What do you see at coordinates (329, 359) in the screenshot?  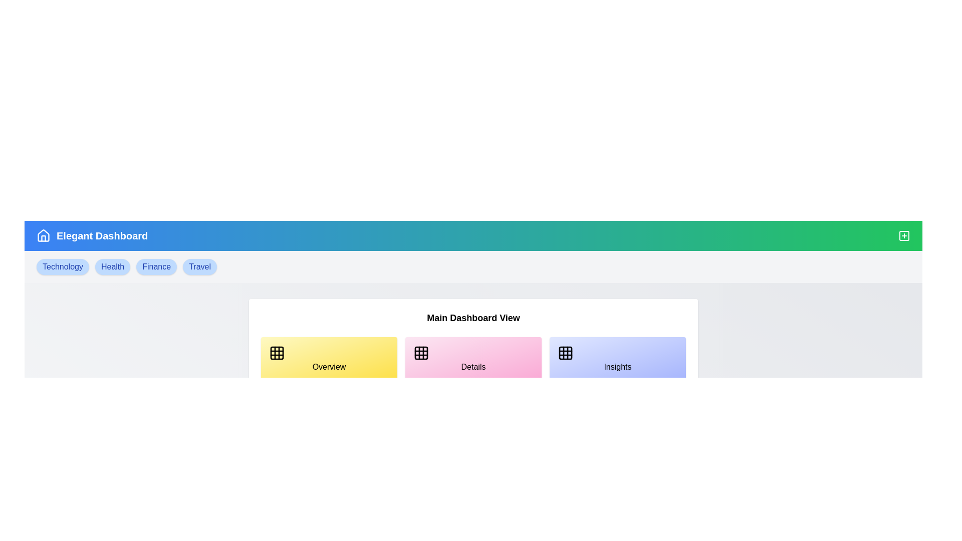 I see `the Overview card to explore its content` at bounding box center [329, 359].